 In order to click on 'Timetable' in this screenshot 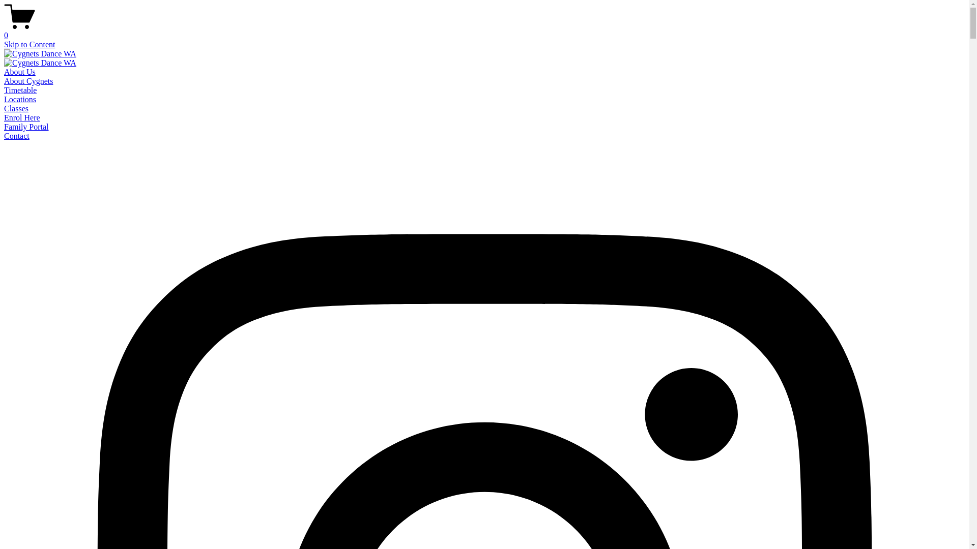, I will do `click(20, 89)`.